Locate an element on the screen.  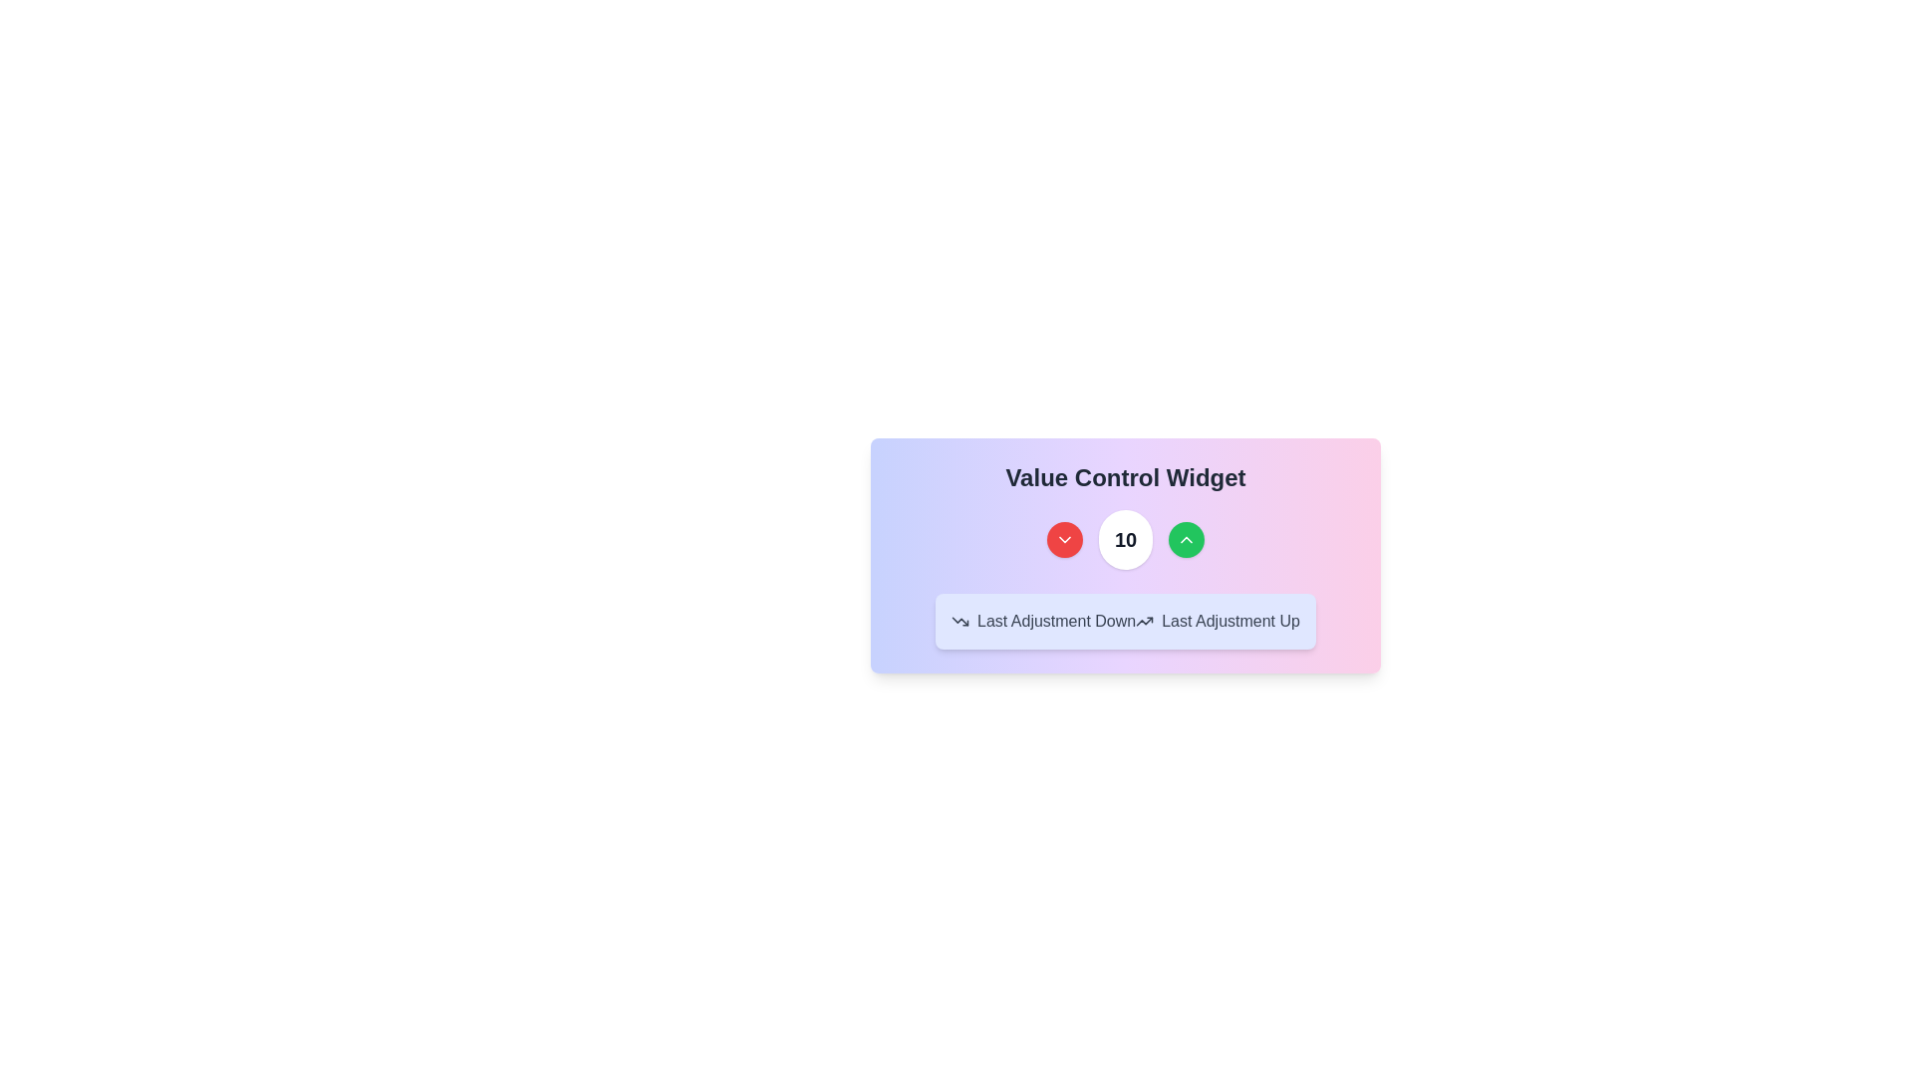
the upward chevron icon on the green circular button located to the right of the value display in the widget is located at coordinates (1187, 540).